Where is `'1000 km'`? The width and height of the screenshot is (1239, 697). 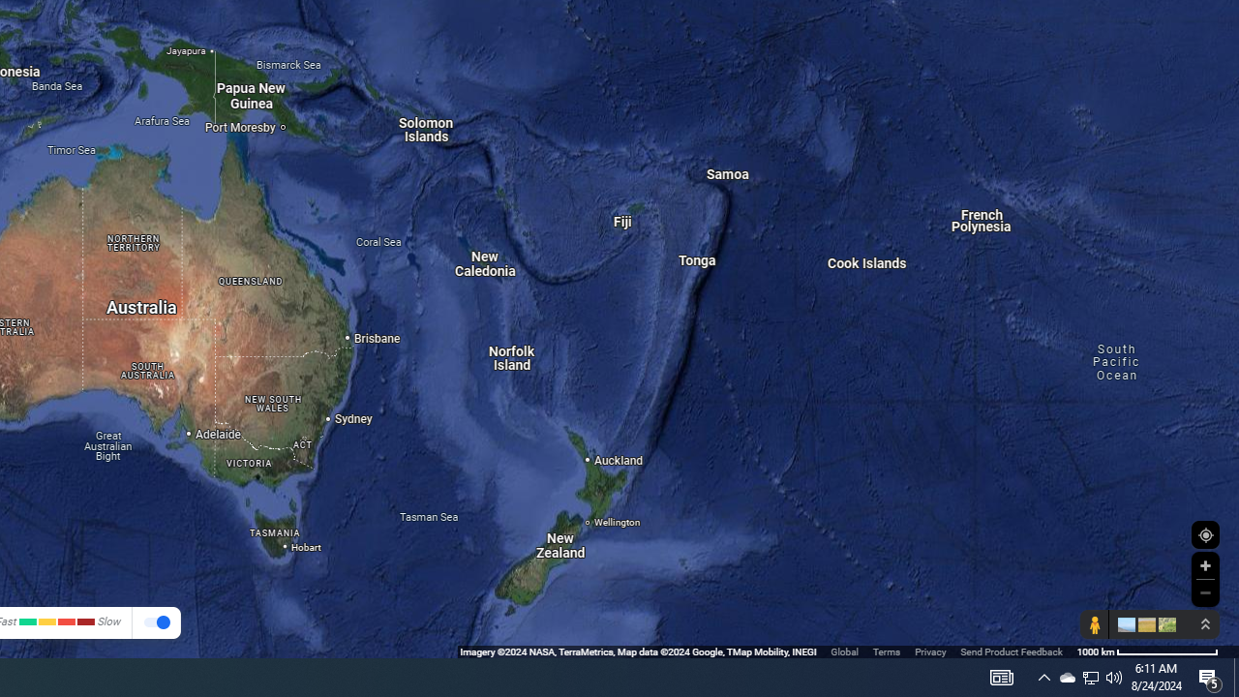 '1000 km' is located at coordinates (1147, 652).